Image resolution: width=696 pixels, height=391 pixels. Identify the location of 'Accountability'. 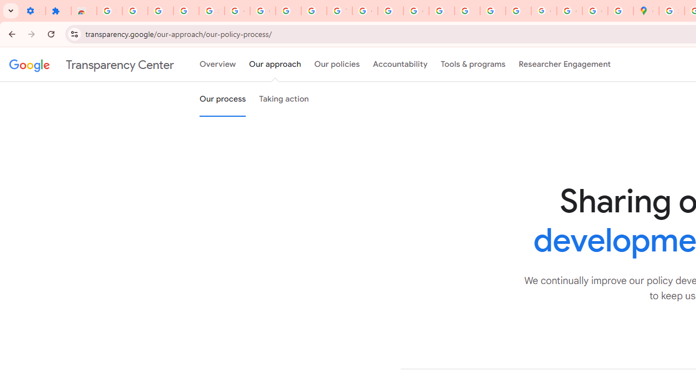
(400, 65).